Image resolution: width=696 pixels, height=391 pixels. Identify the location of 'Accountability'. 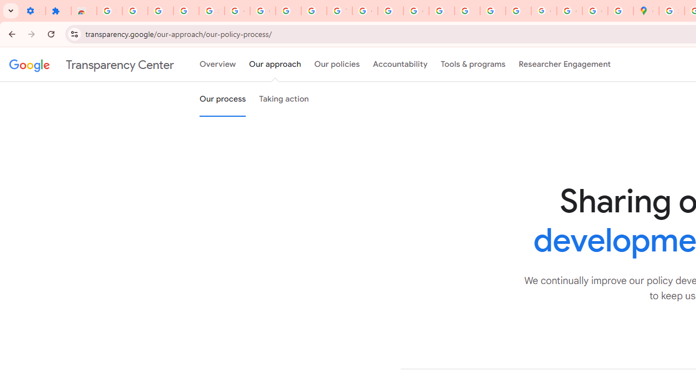
(400, 65).